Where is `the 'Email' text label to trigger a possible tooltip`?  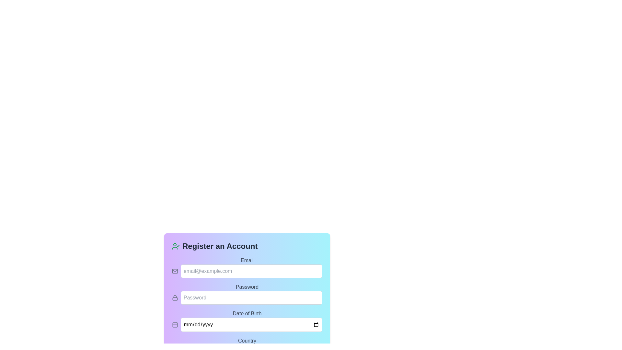
the 'Email' text label to trigger a possible tooltip is located at coordinates (247, 260).